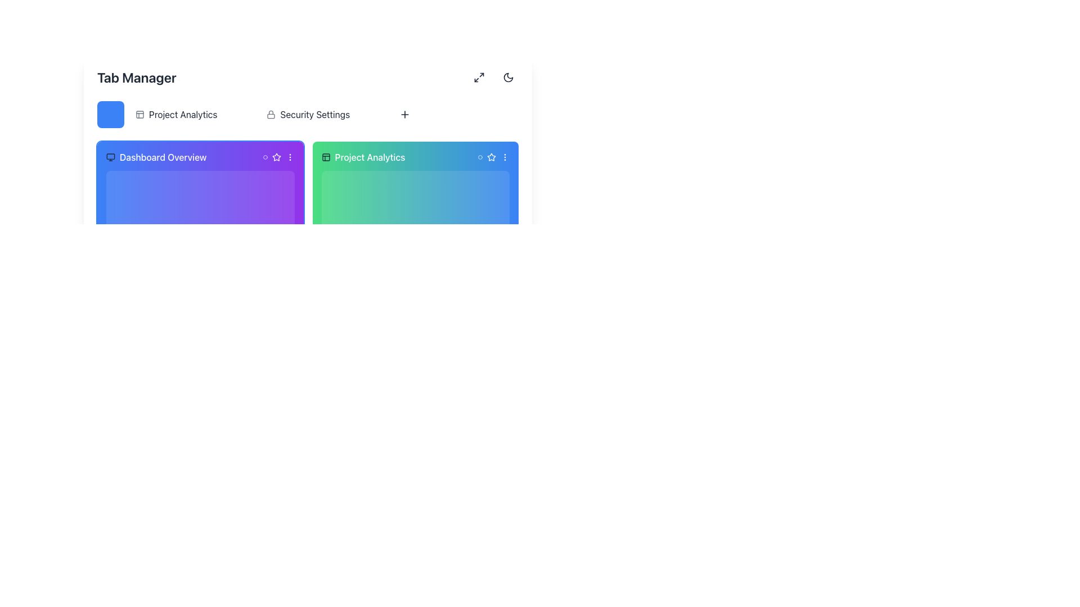 This screenshot has width=1080, height=607. I want to click on the SVG Rectangle icon located to the left of the 'Project Analytics' text in the header area of the interface, so click(139, 115).